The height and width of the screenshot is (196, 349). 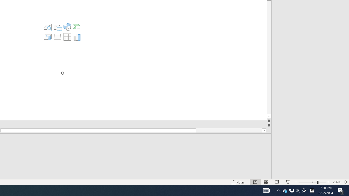 I want to click on 'Insert Table', so click(x=67, y=37).